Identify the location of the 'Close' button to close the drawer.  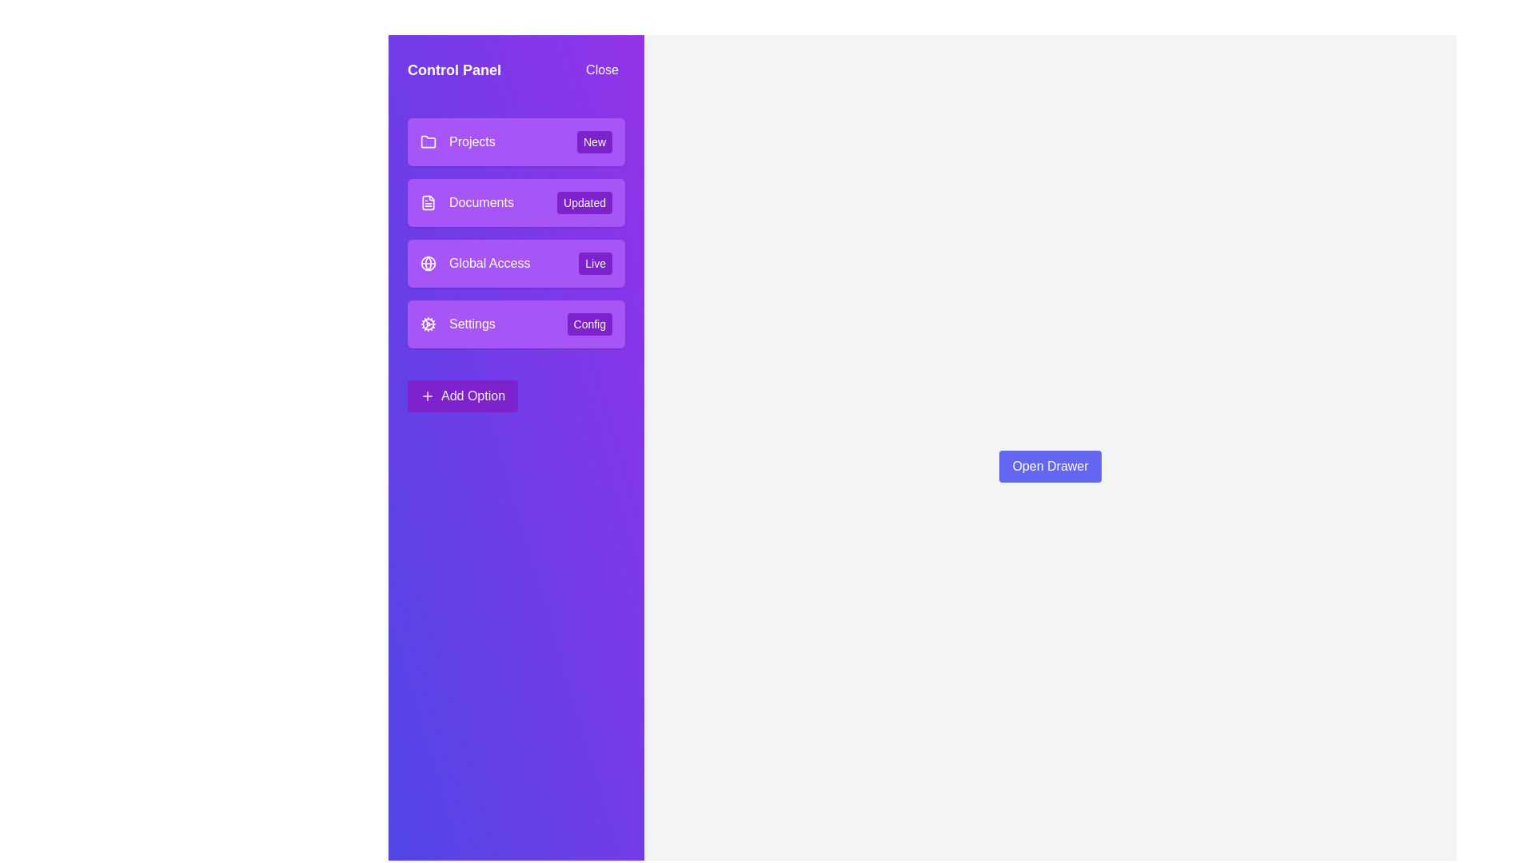
(601, 70).